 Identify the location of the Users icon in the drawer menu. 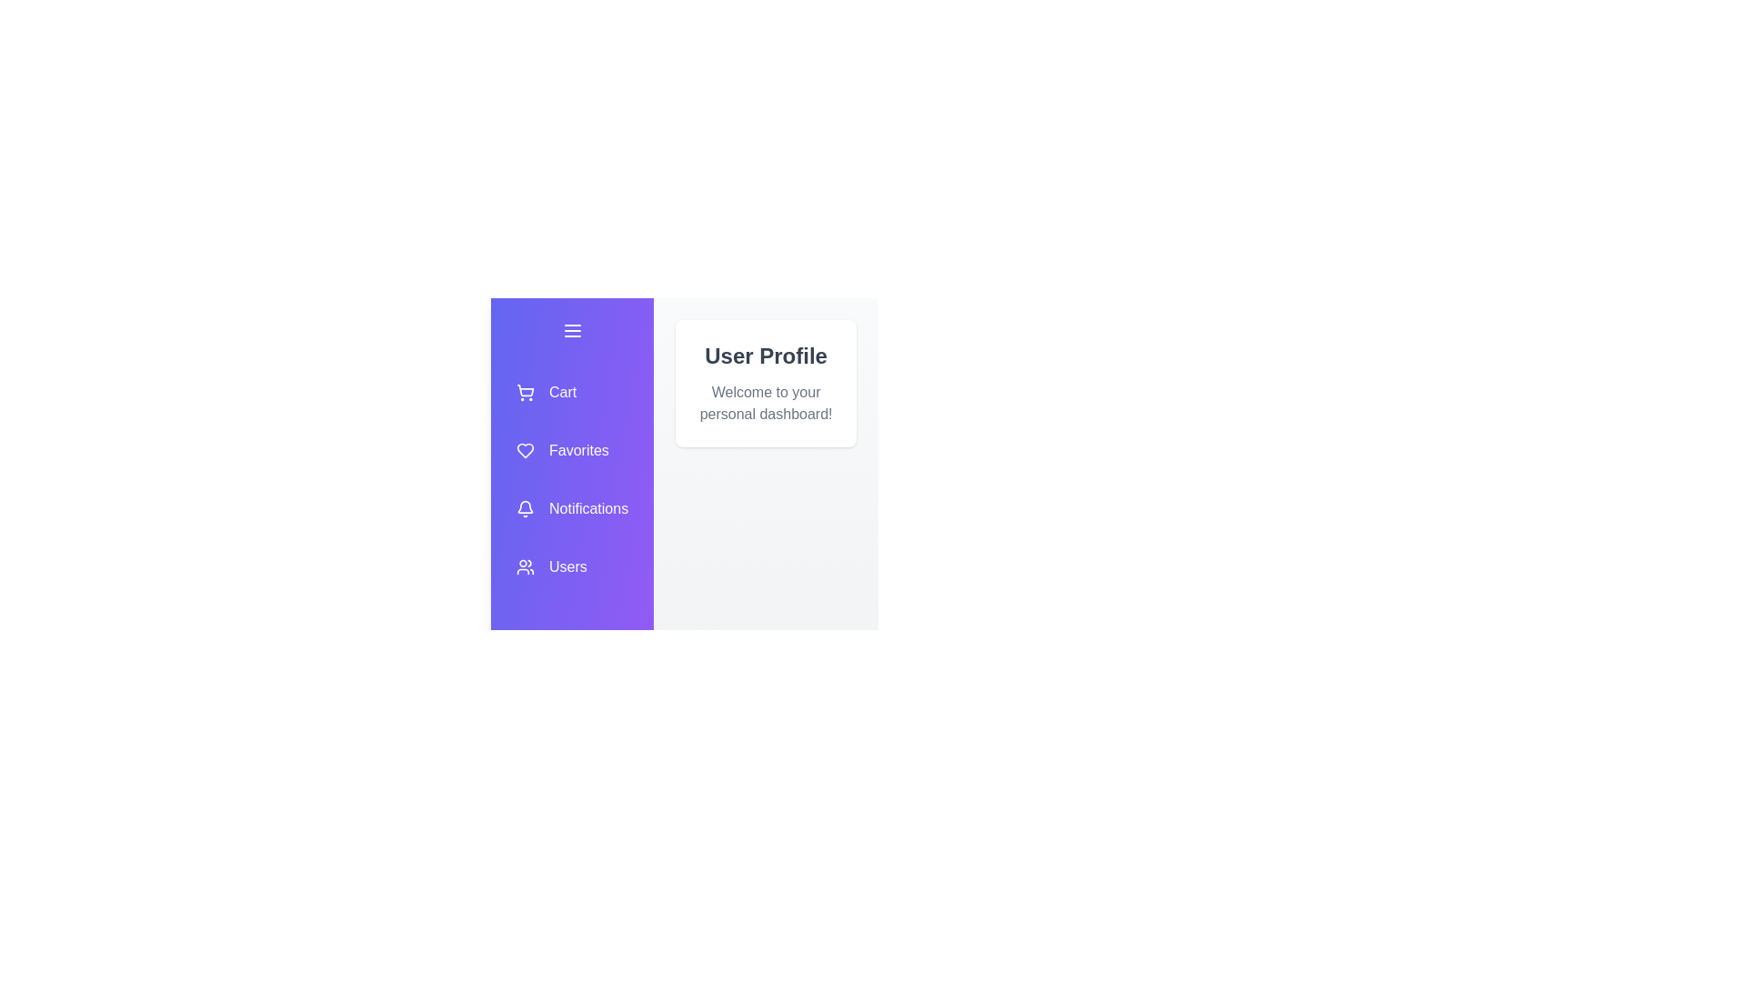
(571, 566).